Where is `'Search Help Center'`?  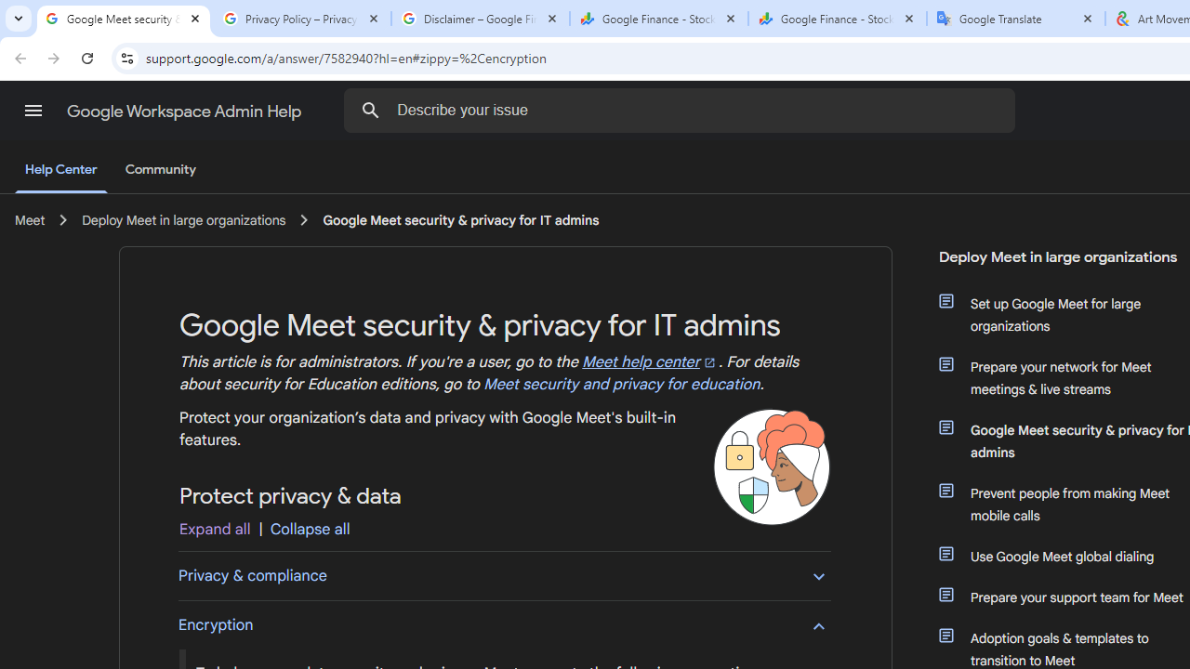
'Search Help Center' is located at coordinates (371, 110).